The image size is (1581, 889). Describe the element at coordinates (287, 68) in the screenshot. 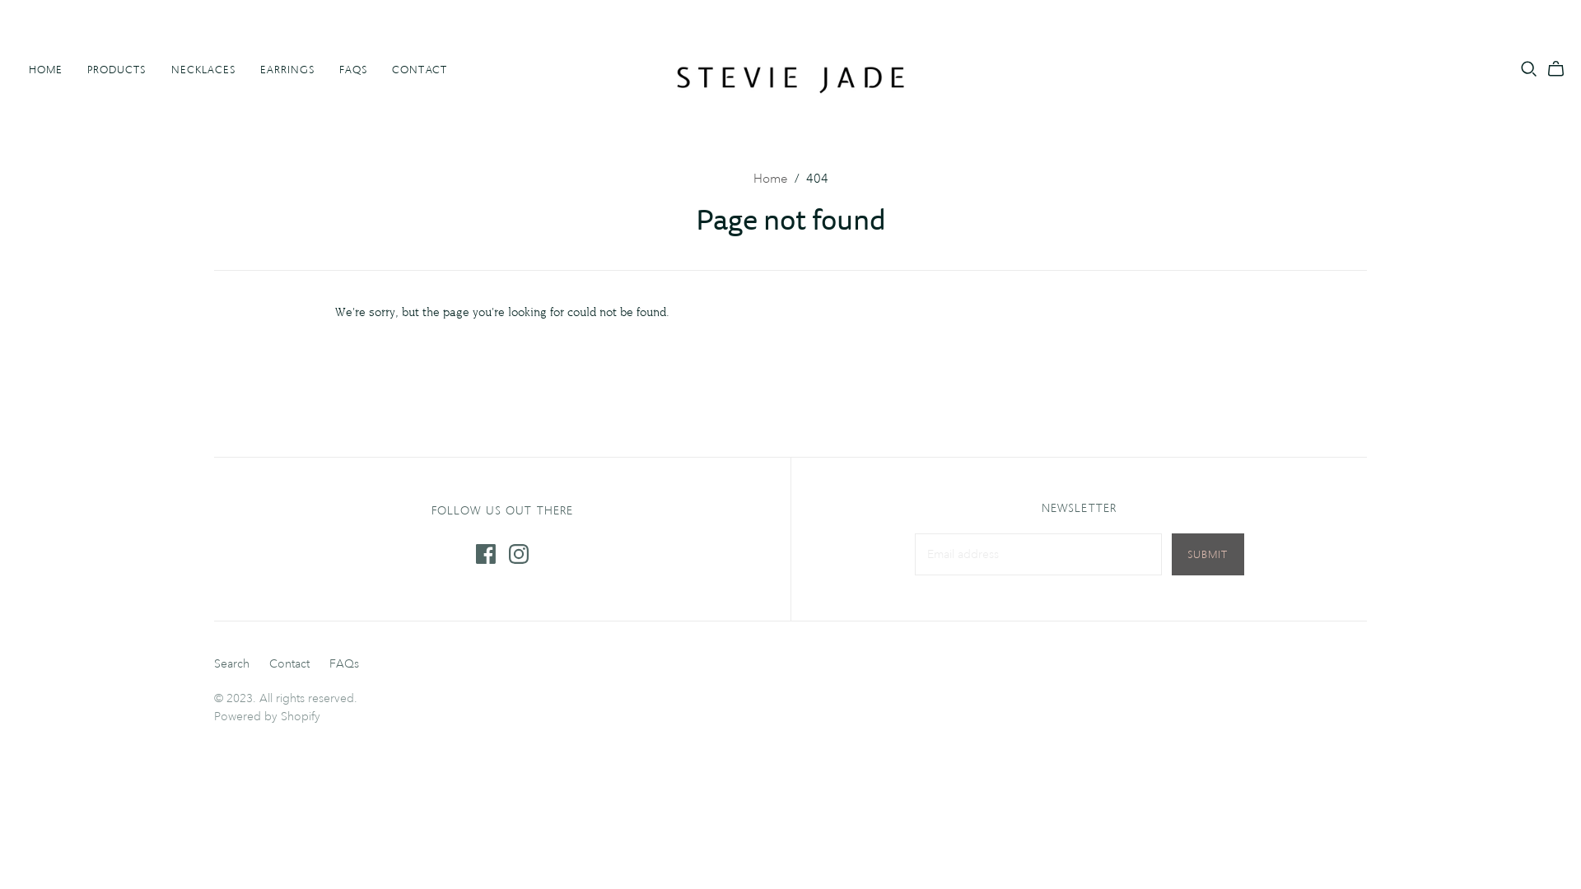

I see `'EARRINGS'` at that location.